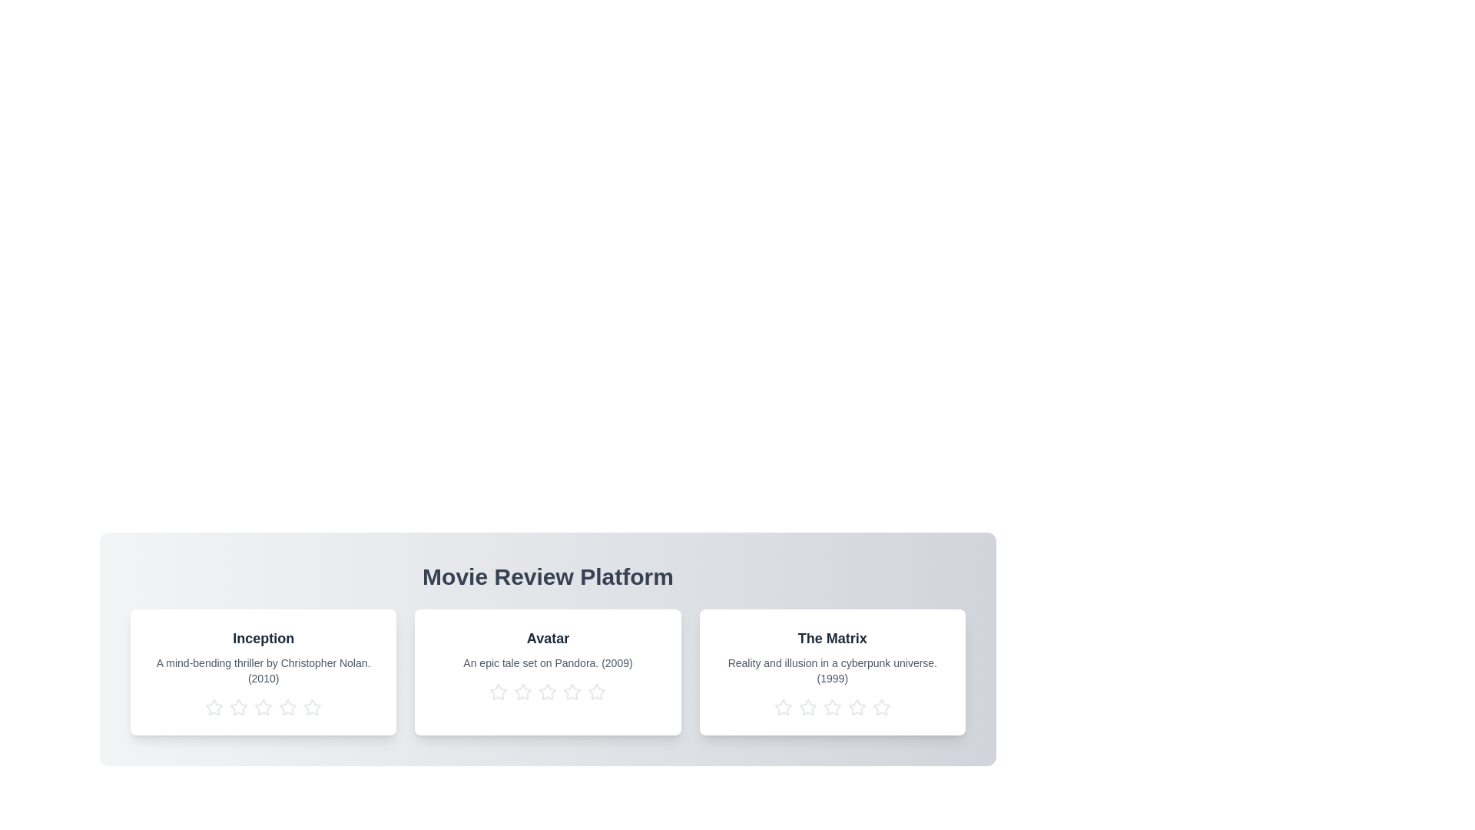  I want to click on the star corresponding to 1 stars for the movie titled Avatar, so click(498, 692).